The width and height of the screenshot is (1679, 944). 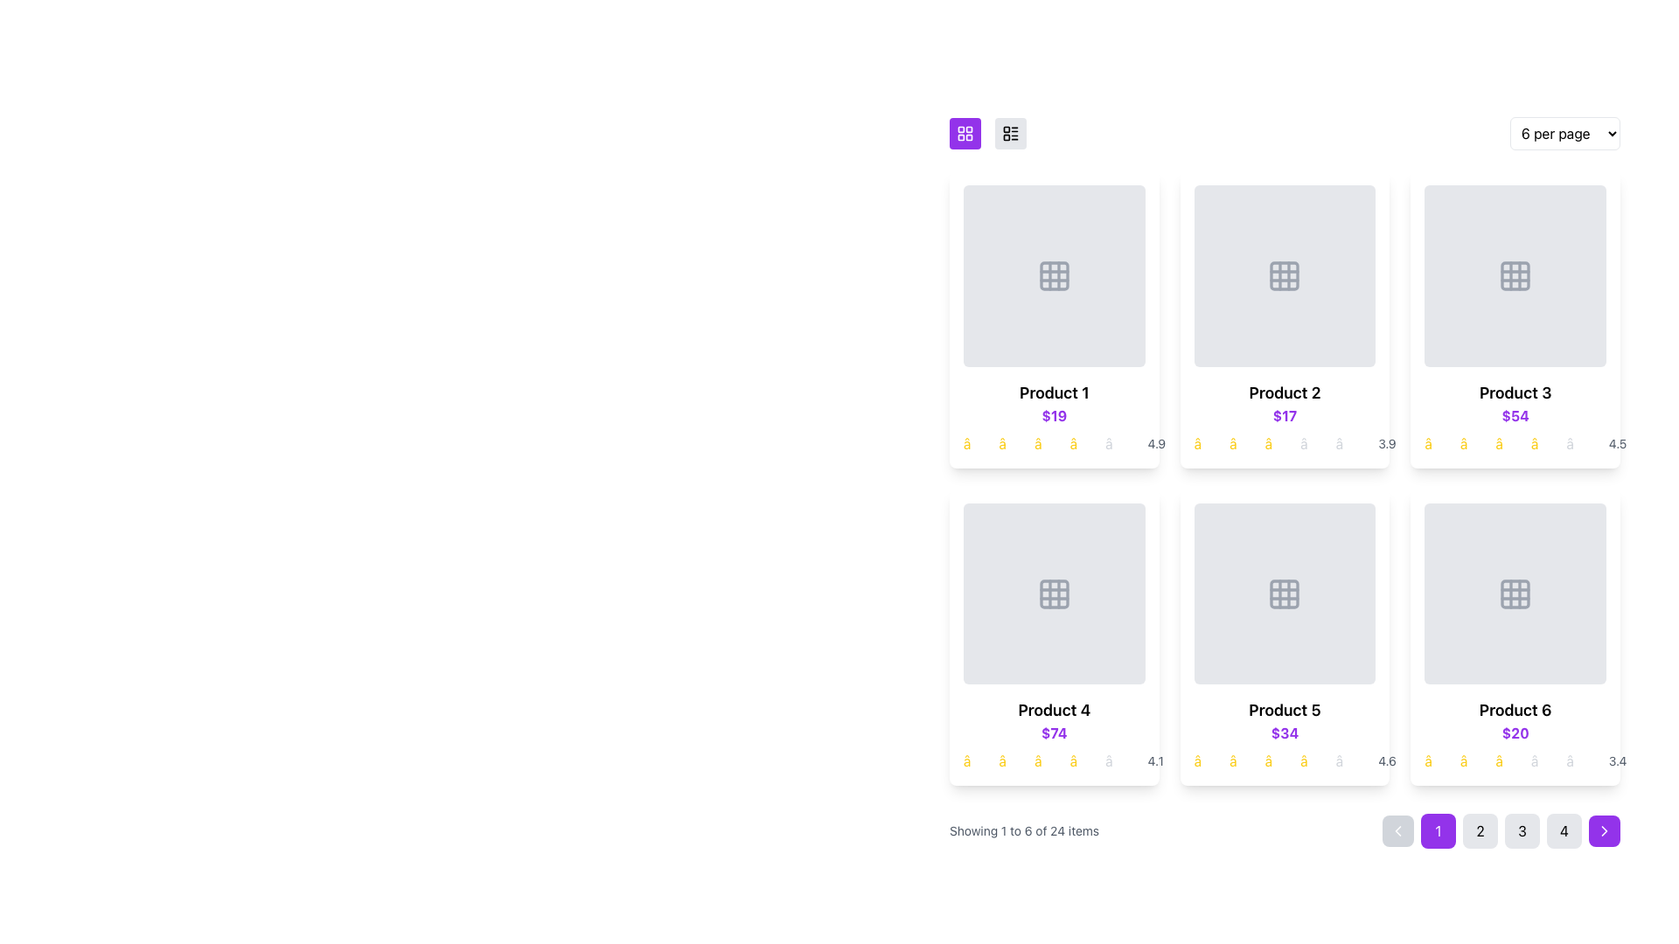 What do you see at coordinates (1565, 133) in the screenshot?
I see `an option from the dropdown menu labeled '6 per page', located at the top-right of the UI` at bounding box center [1565, 133].